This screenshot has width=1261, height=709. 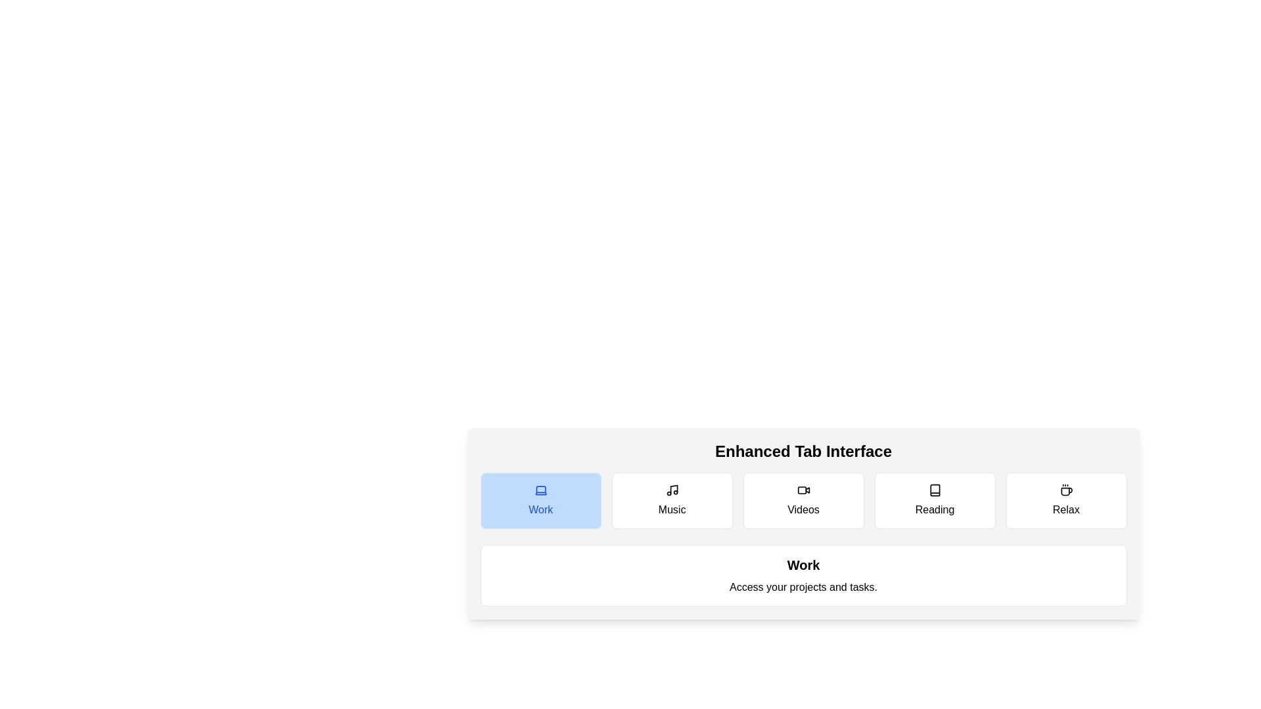 What do you see at coordinates (934, 501) in the screenshot?
I see `the tab button corresponding to Reading` at bounding box center [934, 501].